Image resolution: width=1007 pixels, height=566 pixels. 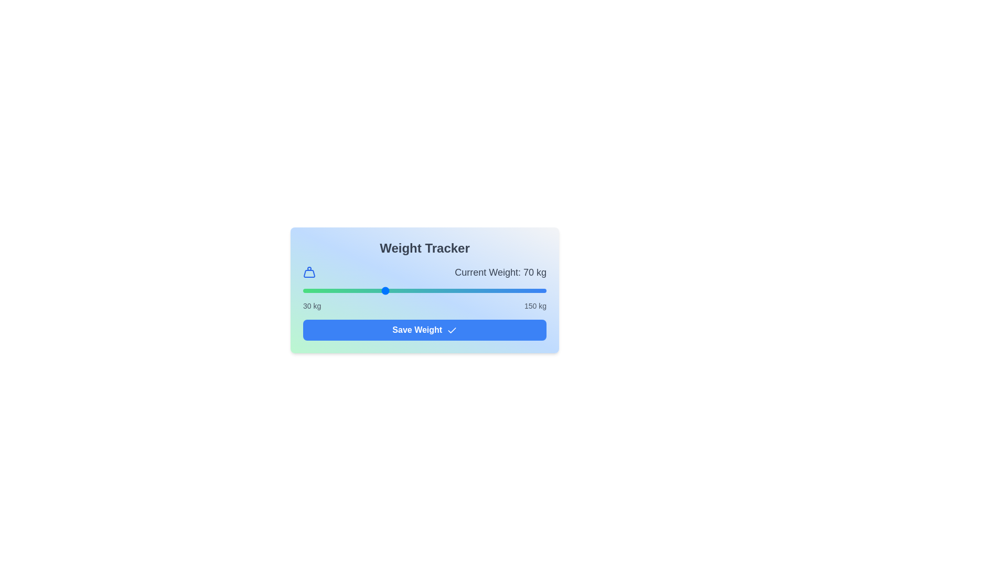 I want to click on the weight slider to 70 kg, so click(x=383, y=291).